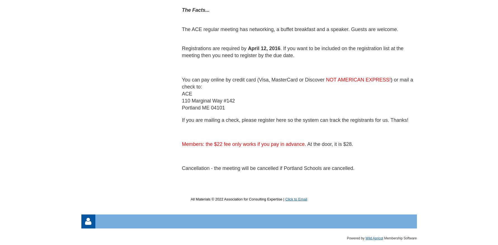  What do you see at coordinates (238, 199) in the screenshot?
I see `'All Materials © 2022 Association for Consulting Expertise |'` at bounding box center [238, 199].